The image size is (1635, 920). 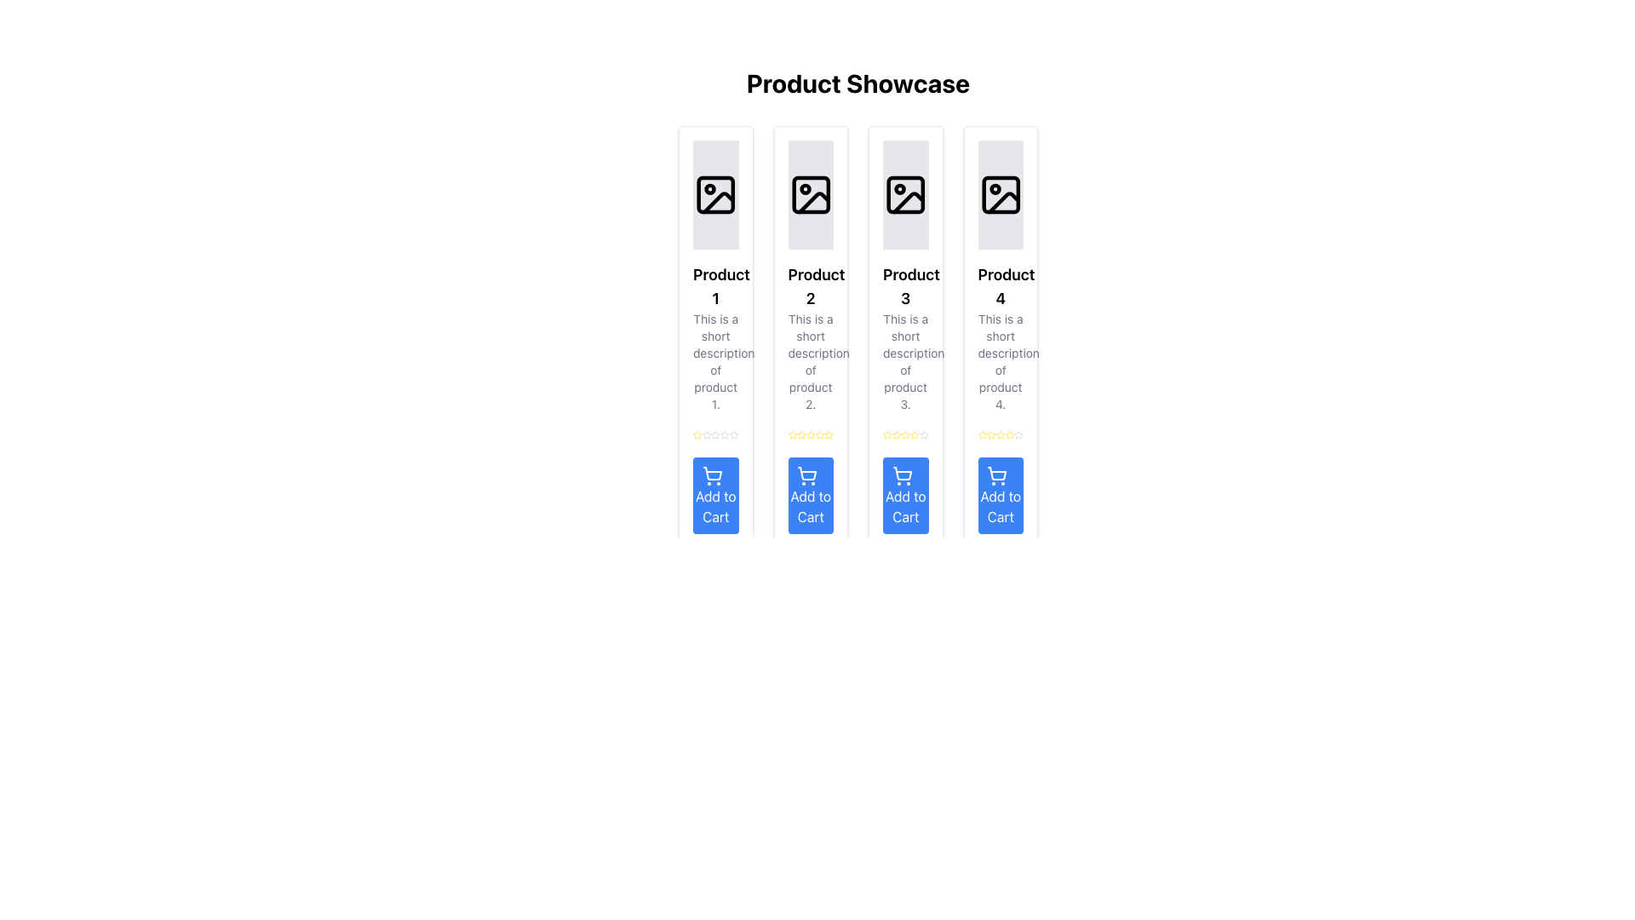 I want to click on the fourth hollow star icon in the rating system, which is located in the first product card below the product description text, so click(x=715, y=434).